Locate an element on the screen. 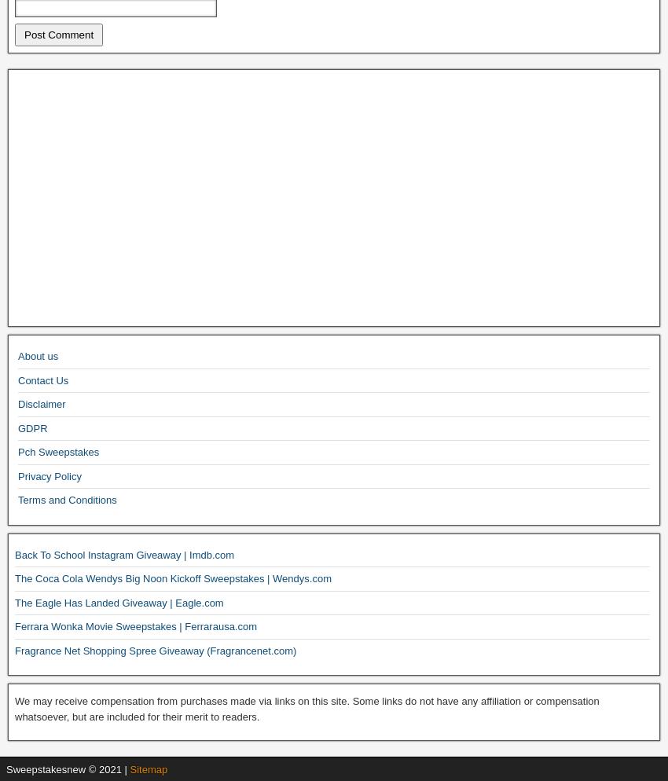 This screenshot has height=781, width=668. 'Fragrance Net Shopping Spree Giveaway (Fragrancenet.com)' is located at coordinates (154, 649).